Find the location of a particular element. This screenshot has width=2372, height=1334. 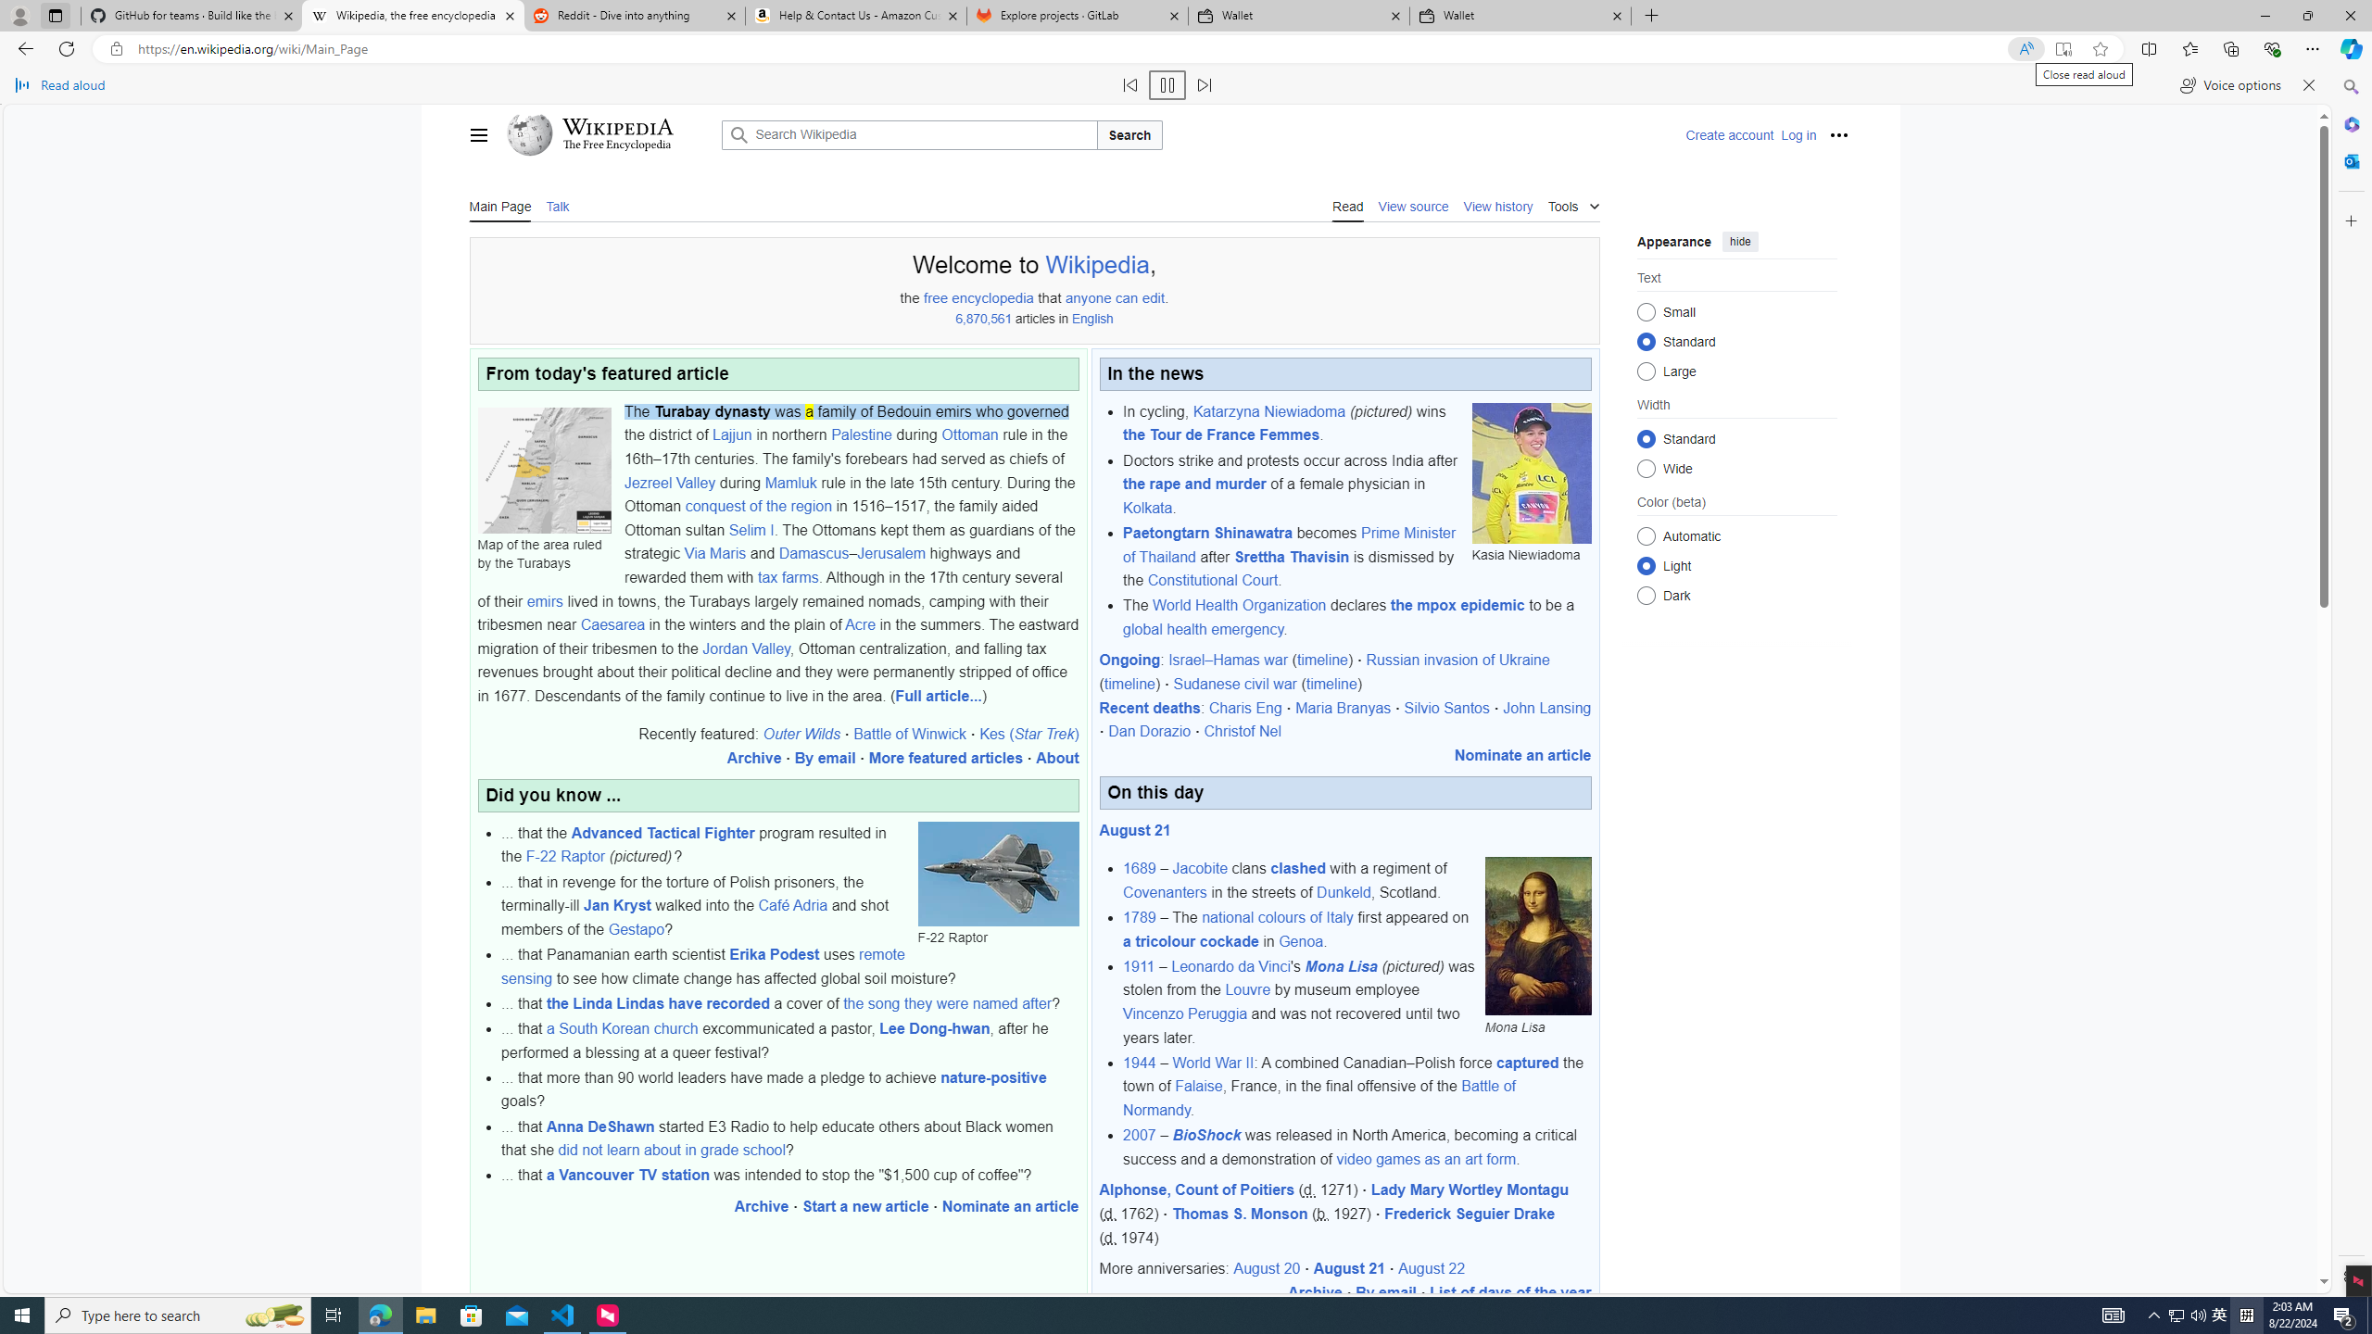

'1911' is located at coordinates (1137, 965).